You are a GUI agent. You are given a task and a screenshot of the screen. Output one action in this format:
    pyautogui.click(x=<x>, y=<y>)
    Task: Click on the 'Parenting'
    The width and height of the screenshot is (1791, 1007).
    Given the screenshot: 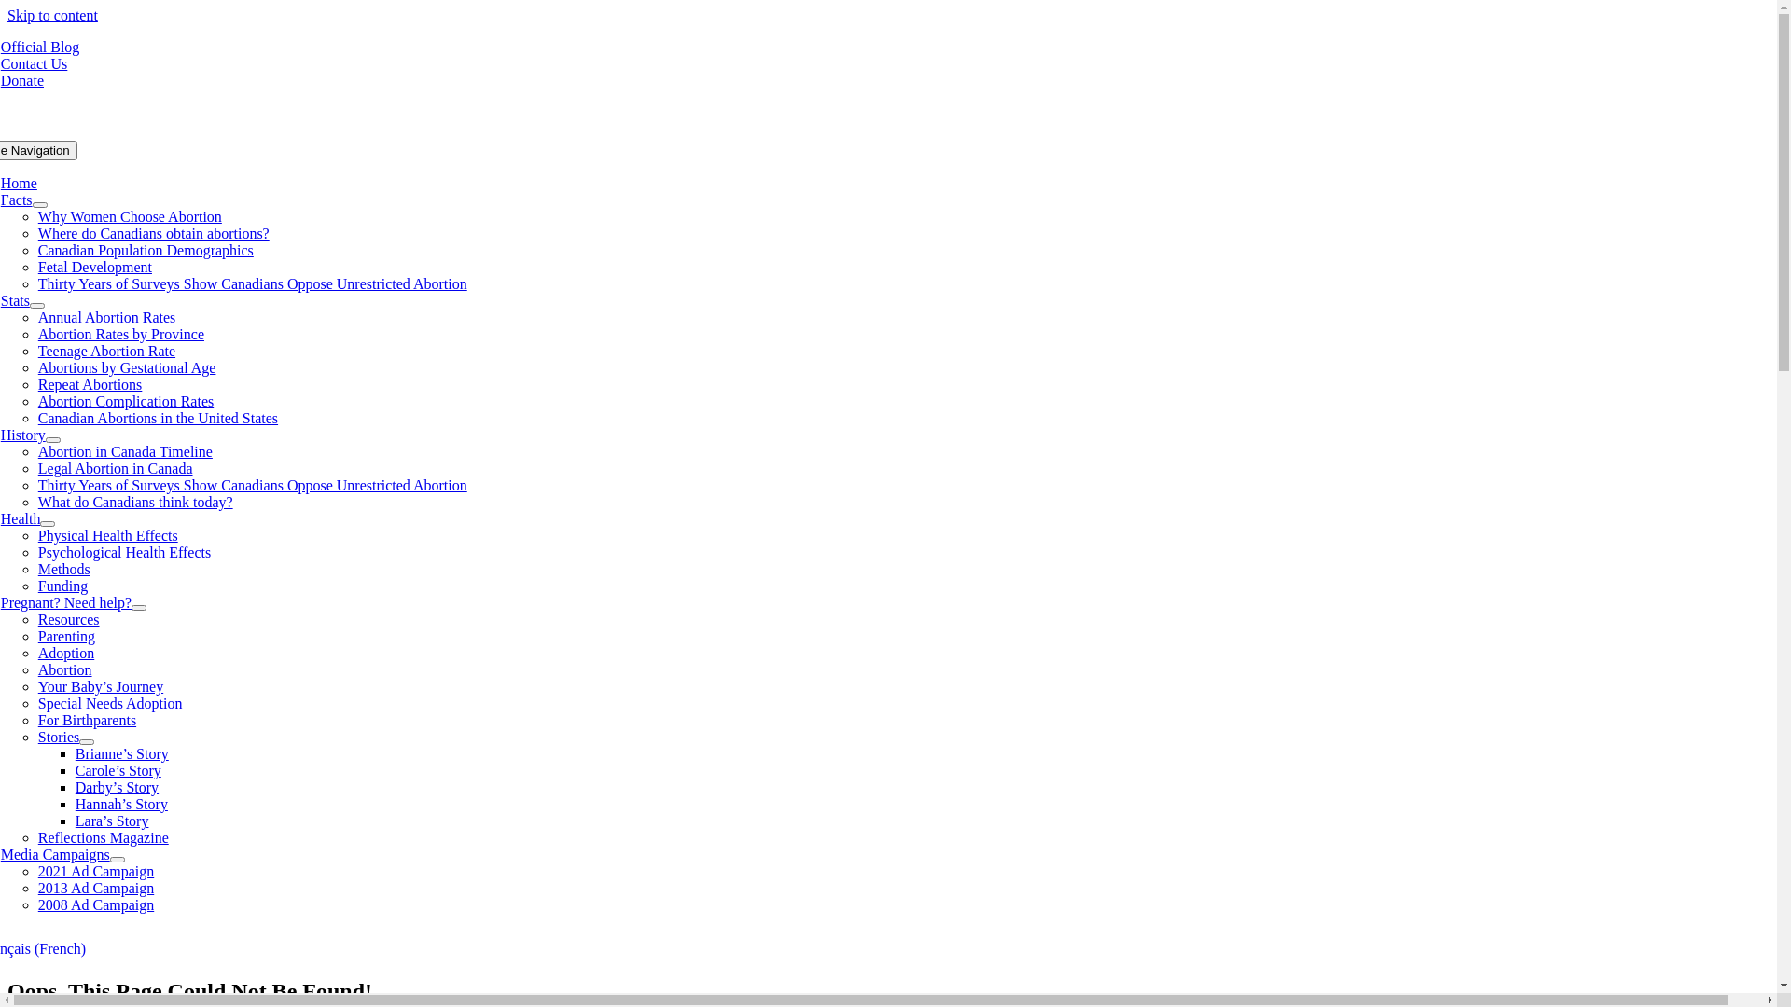 What is the action you would take?
    pyautogui.click(x=66, y=635)
    